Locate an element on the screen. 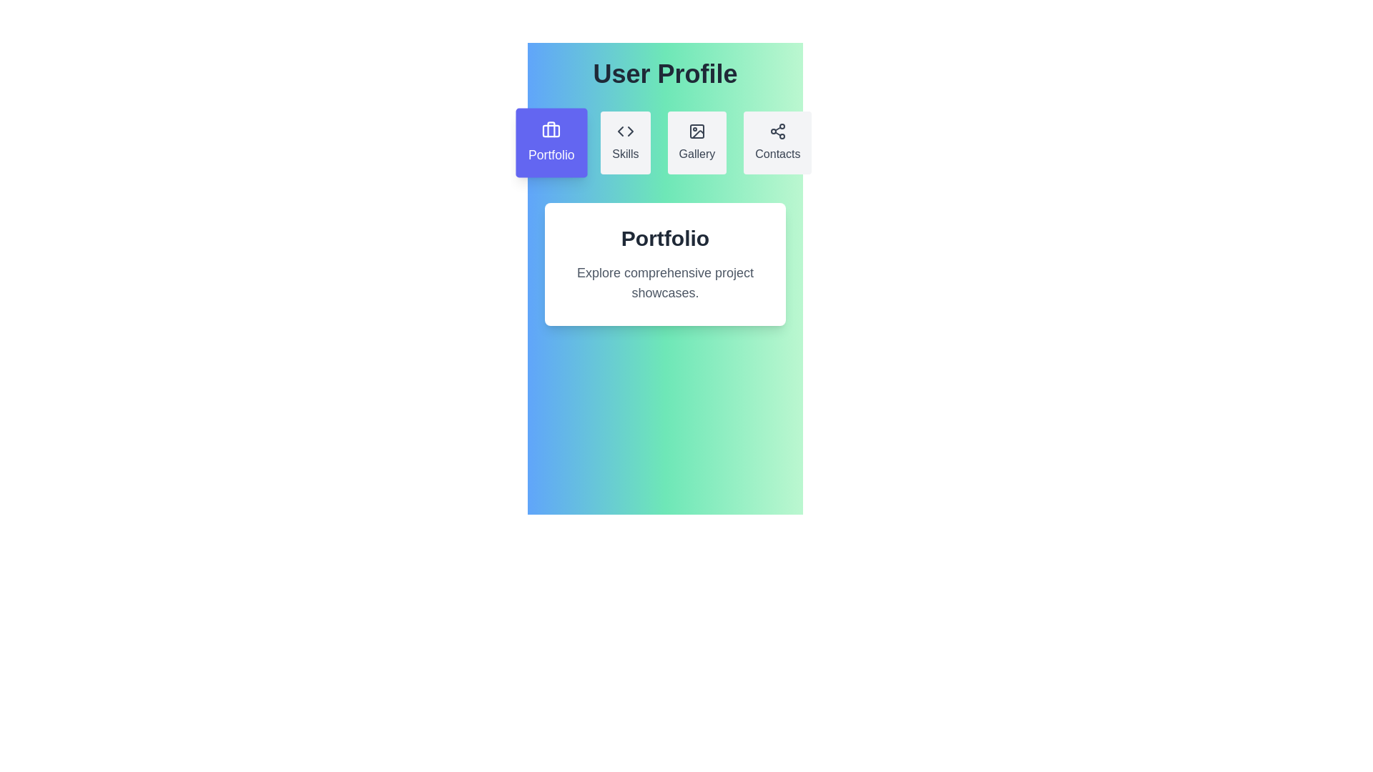  the tab labeled Skills to switch the active content is located at coordinates (625, 143).